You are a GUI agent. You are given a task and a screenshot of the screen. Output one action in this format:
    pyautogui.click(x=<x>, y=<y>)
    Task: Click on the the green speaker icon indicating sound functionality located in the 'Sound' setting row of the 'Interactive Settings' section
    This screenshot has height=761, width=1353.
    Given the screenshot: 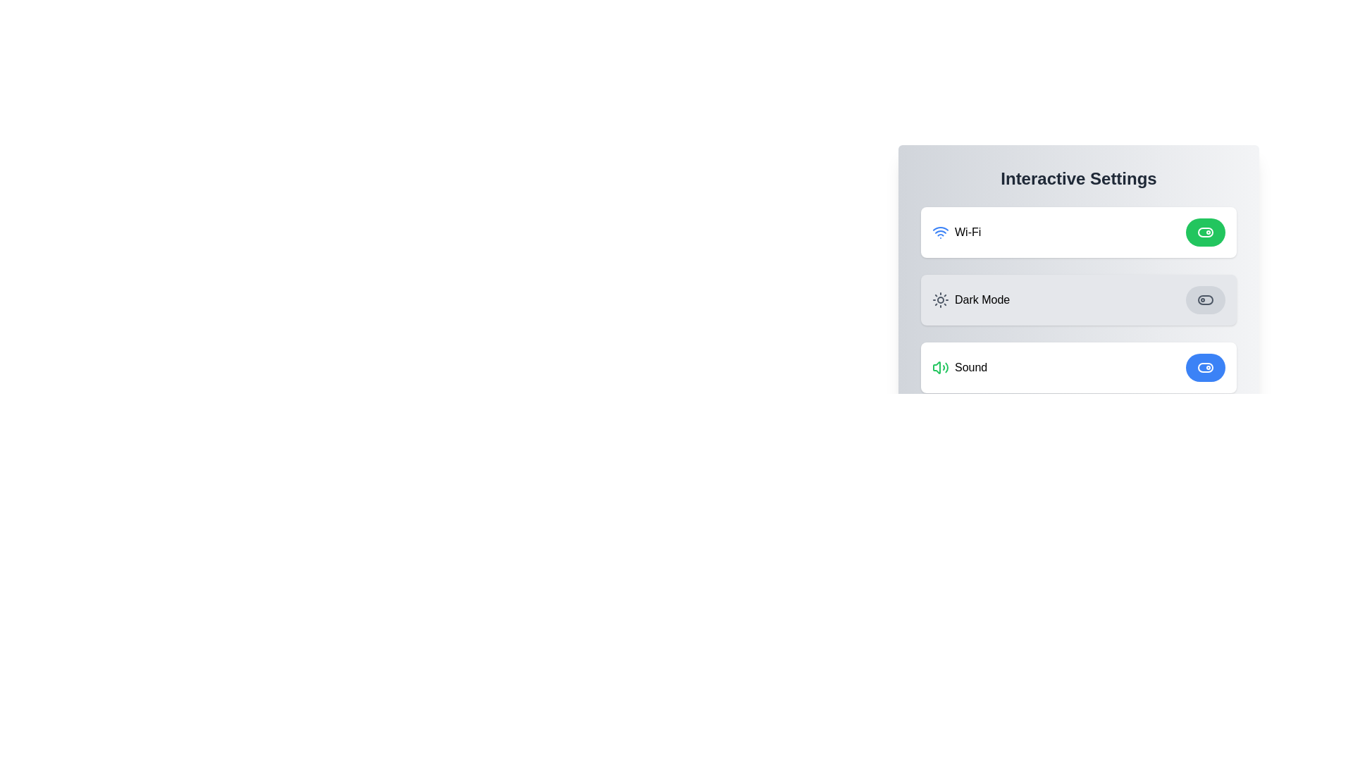 What is the action you would take?
    pyautogui.click(x=940, y=366)
    